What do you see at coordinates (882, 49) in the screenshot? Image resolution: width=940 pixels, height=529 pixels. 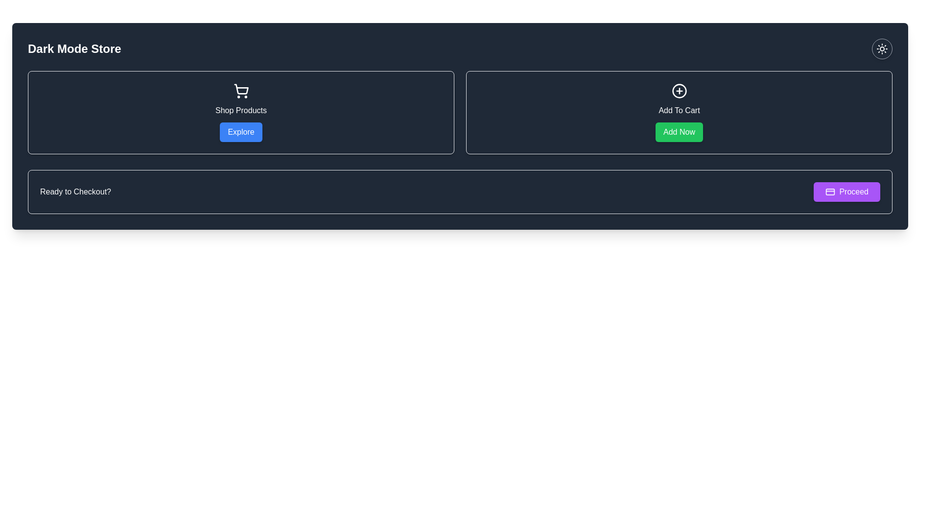 I see `the icon-based button located at the top-right corner of the dark-themed box` at bounding box center [882, 49].